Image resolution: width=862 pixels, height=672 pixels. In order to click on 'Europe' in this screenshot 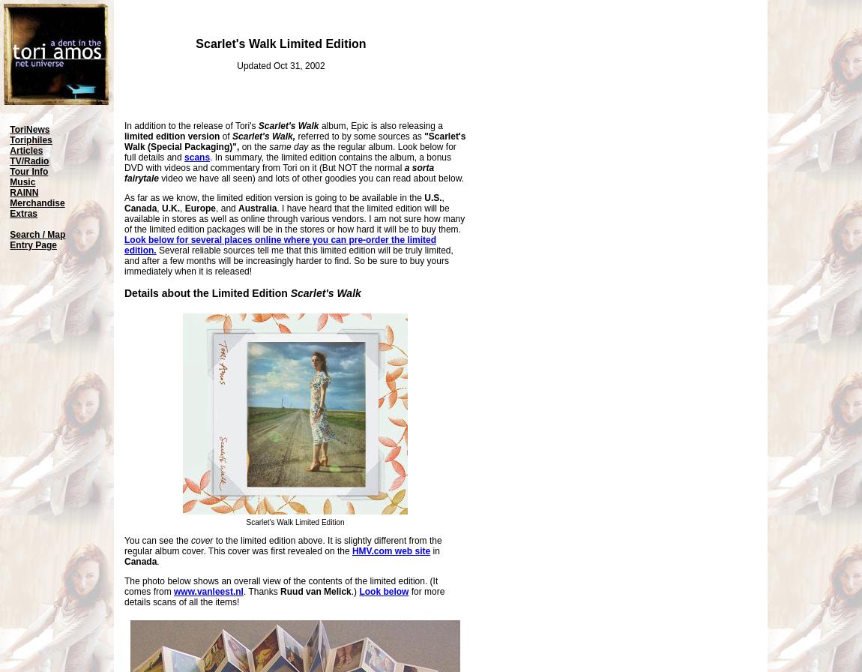, I will do `click(183, 208)`.